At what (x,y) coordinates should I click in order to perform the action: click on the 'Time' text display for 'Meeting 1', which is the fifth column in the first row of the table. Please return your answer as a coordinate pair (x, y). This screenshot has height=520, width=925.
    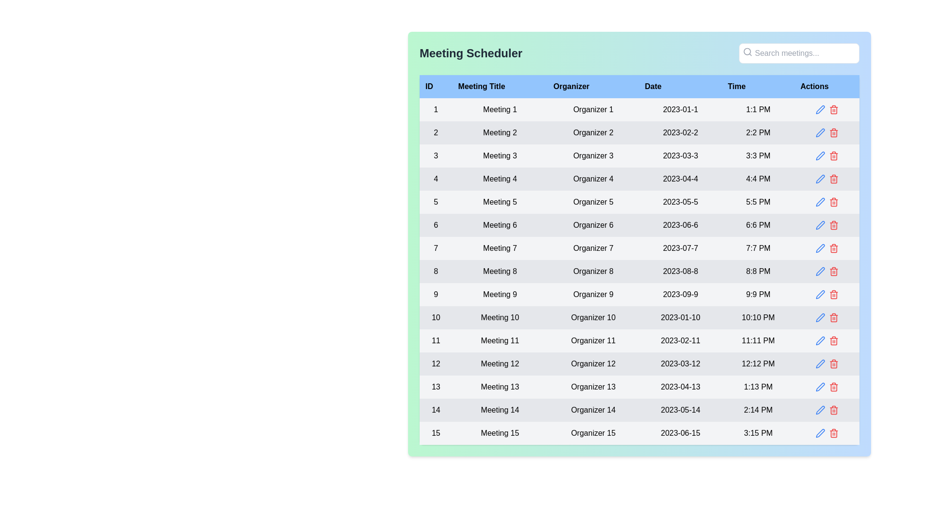
    Looking at the image, I should click on (758, 109).